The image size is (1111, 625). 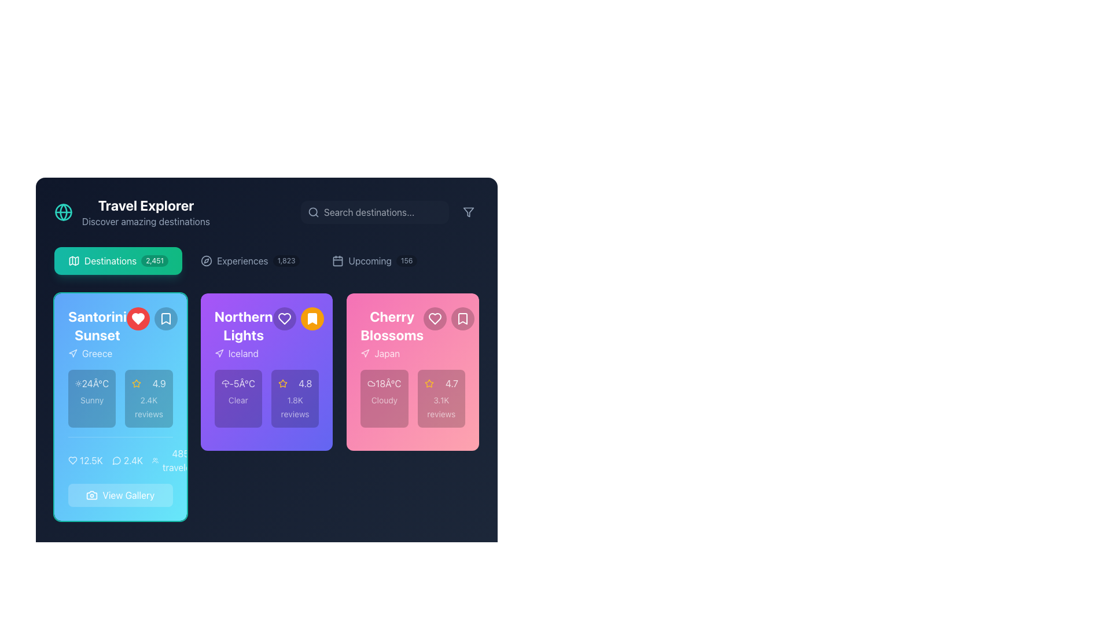 What do you see at coordinates (463, 319) in the screenshot?
I see `the circular button with a black background and white bookmark icon located in the top-right corner of the 'Cherry Blossoms' card to bookmark the item` at bounding box center [463, 319].